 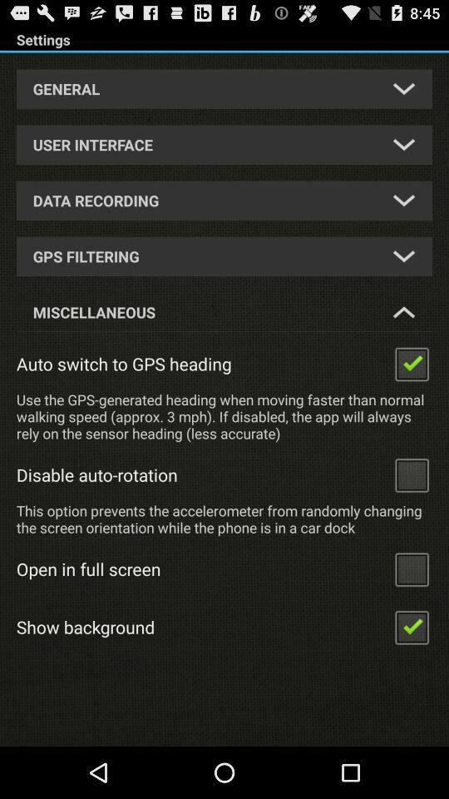 I want to click on select, so click(x=411, y=626).